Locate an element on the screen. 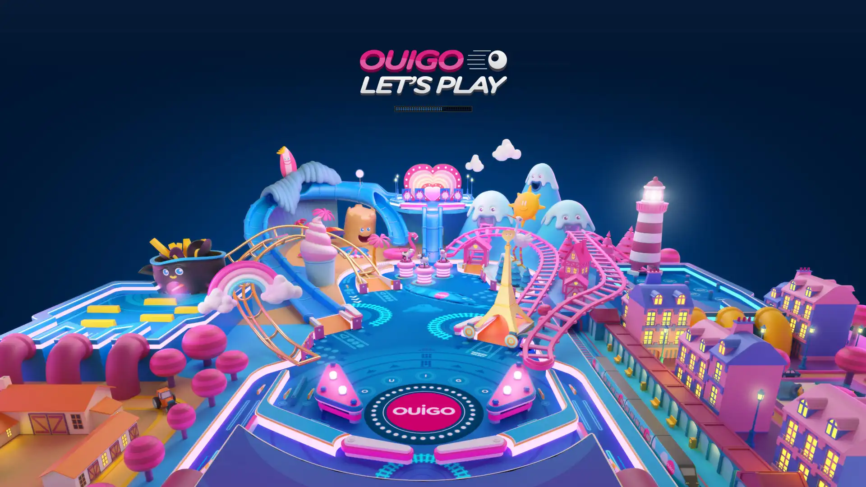 The image size is (866, 487). CLASSEMENT is located at coordinates (433, 473).